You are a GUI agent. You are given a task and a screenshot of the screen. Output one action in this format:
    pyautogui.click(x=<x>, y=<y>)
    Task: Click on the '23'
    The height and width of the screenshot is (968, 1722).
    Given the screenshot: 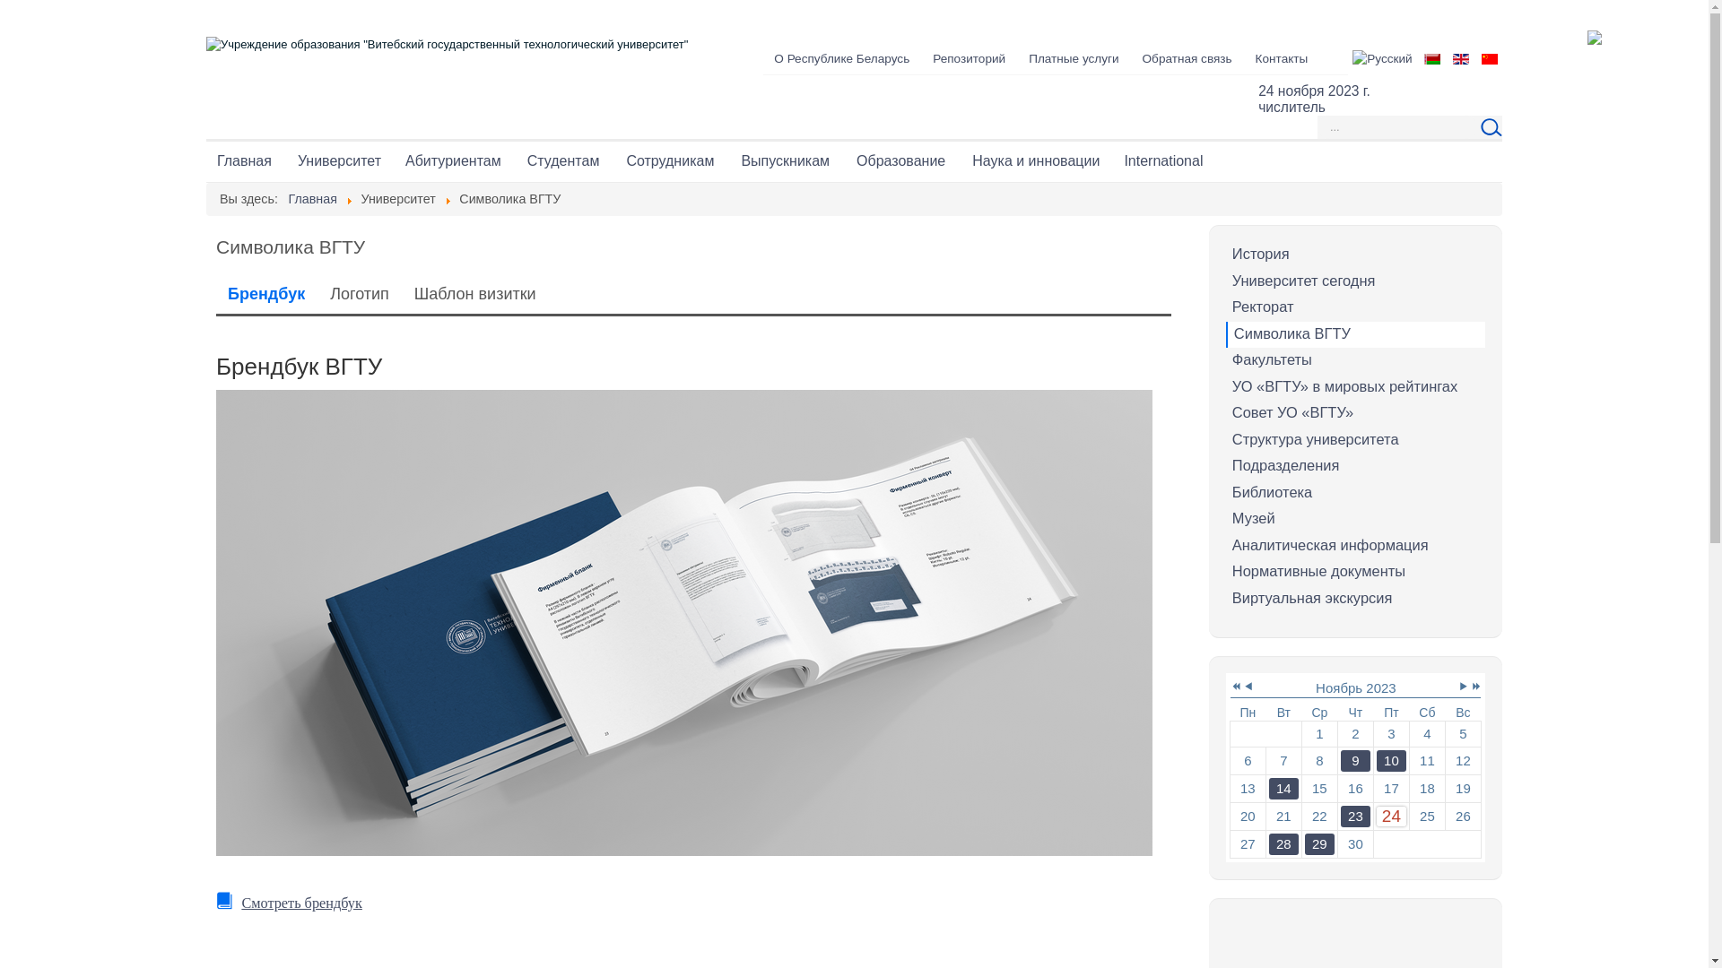 What is the action you would take?
    pyautogui.click(x=1342, y=816)
    